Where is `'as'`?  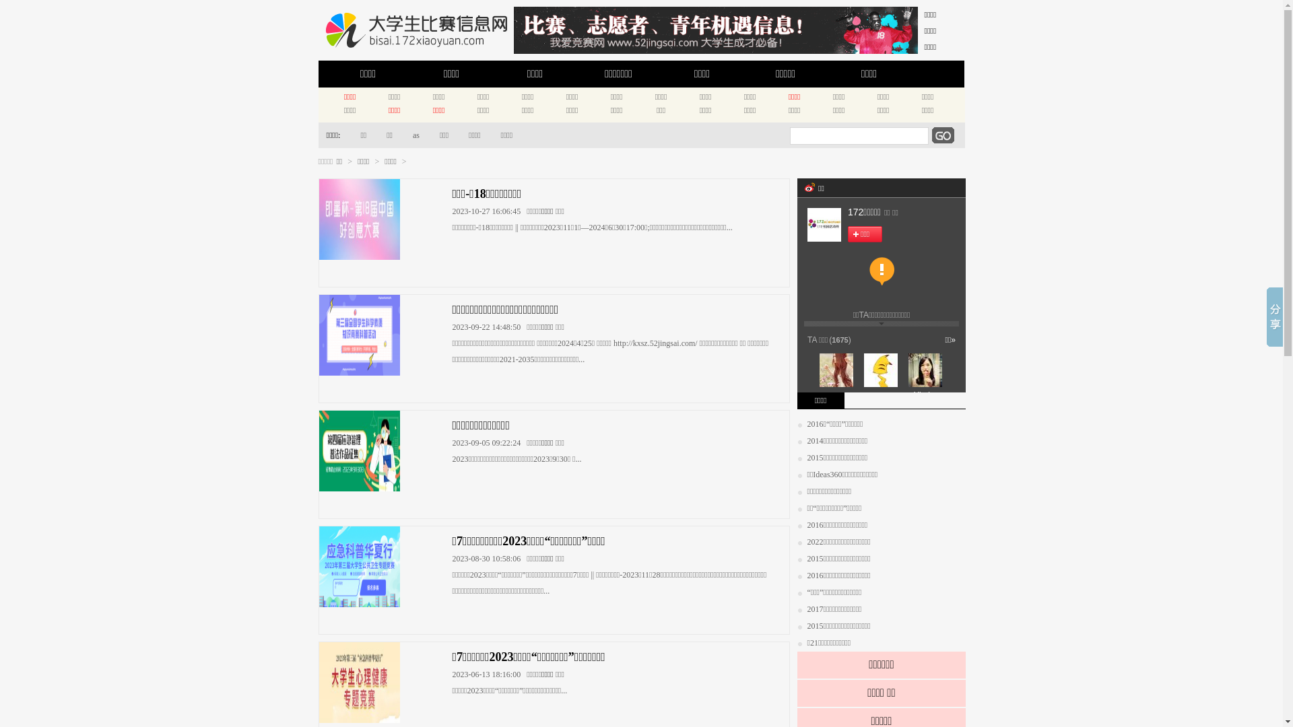
'as' is located at coordinates (410, 135).